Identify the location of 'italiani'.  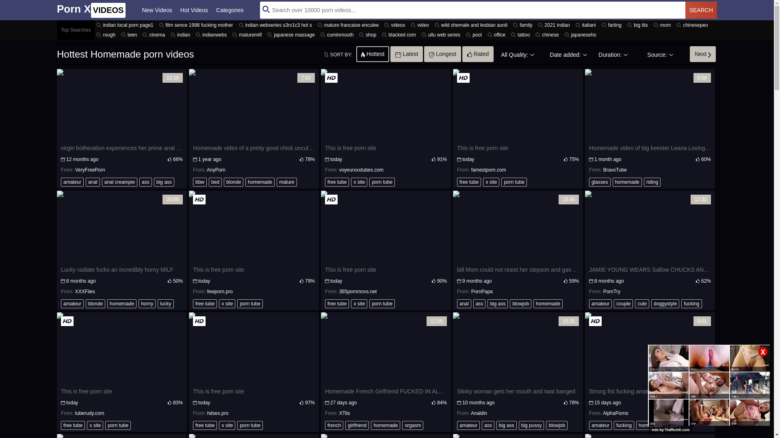
(573, 24).